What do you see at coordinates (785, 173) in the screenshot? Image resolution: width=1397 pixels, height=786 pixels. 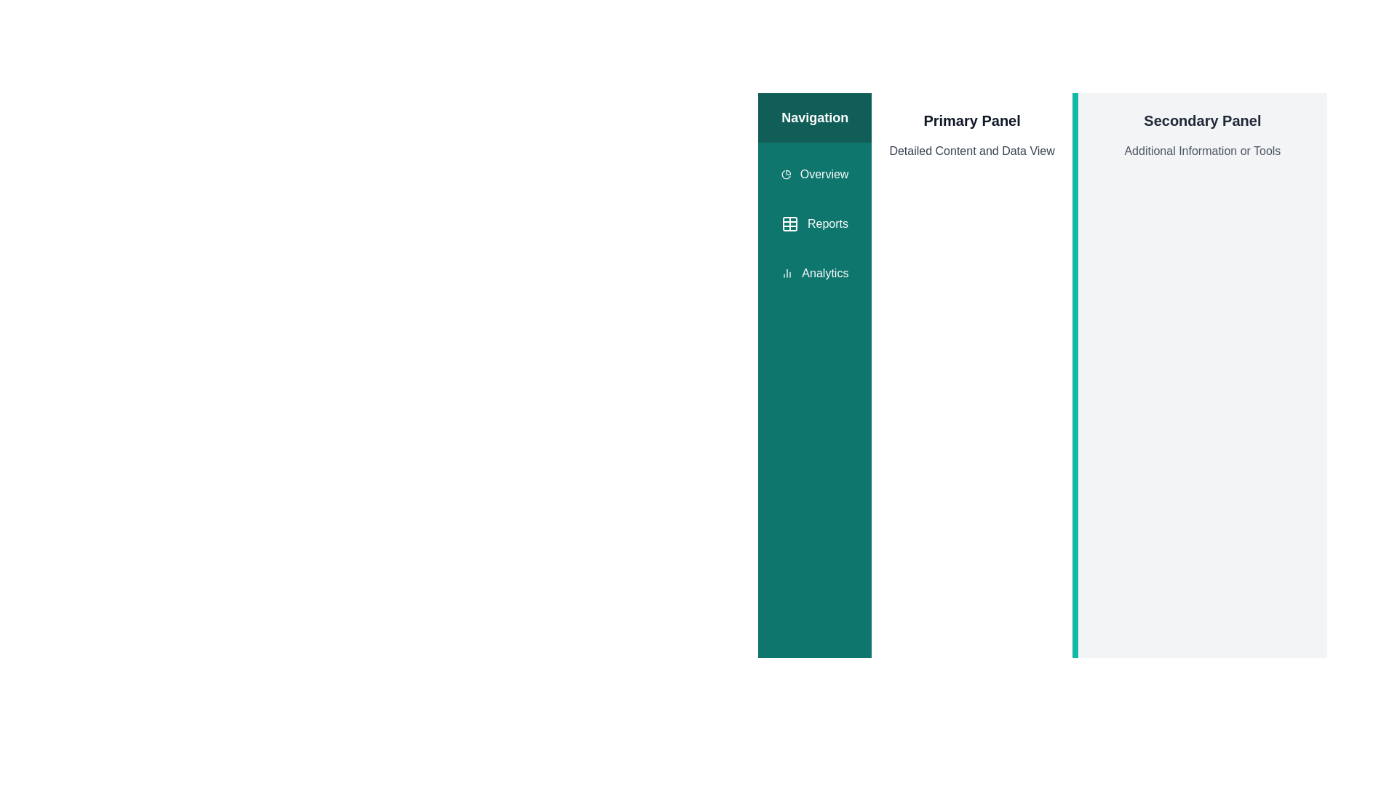 I see `the pie chart icon, which is the leftmost icon in the 'Overview' row of the navigation menu on the left-hand side` at bounding box center [785, 173].